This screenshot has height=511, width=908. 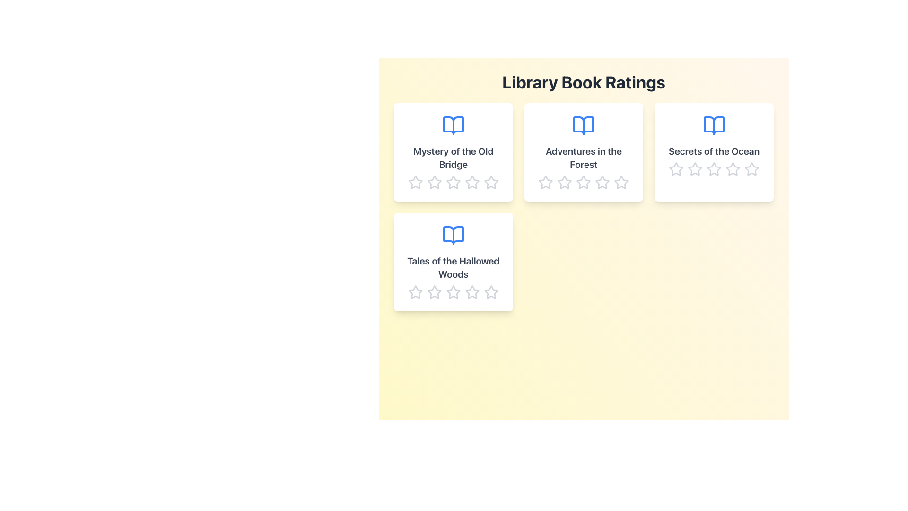 What do you see at coordinates (472, 182) in the screenshot?
I see `the fourth star in the 5-star rating system under the book card for 'Mystery of the Old Bridge'` at bounding box center [472, 182].